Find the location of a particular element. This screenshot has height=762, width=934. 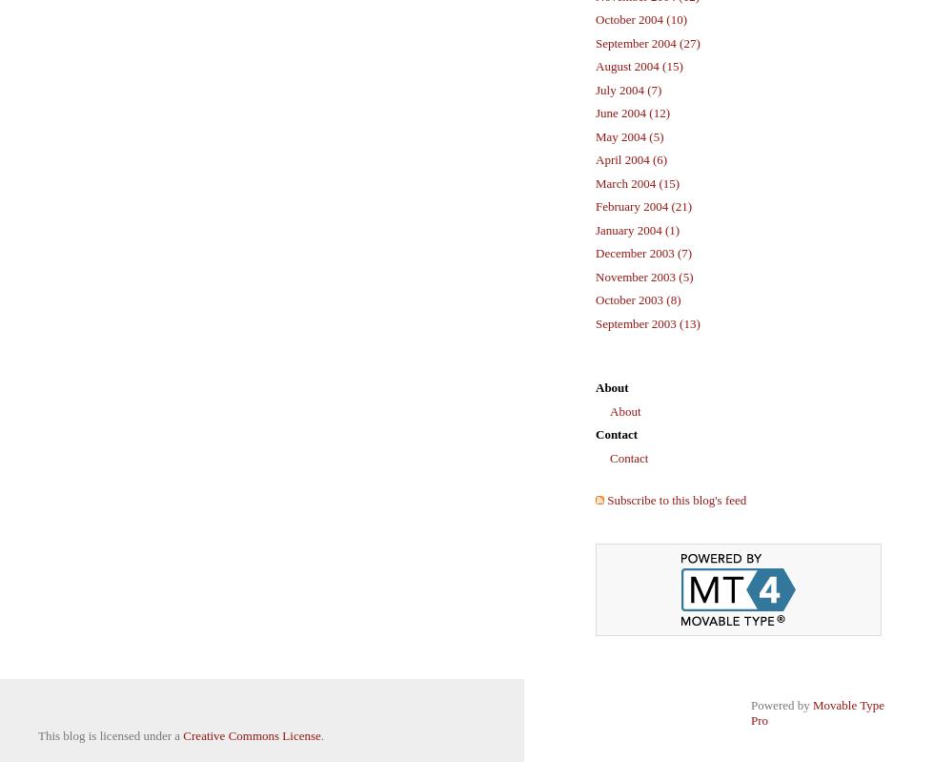

'September 2003 (13)' is located at coordinates (596, 322).